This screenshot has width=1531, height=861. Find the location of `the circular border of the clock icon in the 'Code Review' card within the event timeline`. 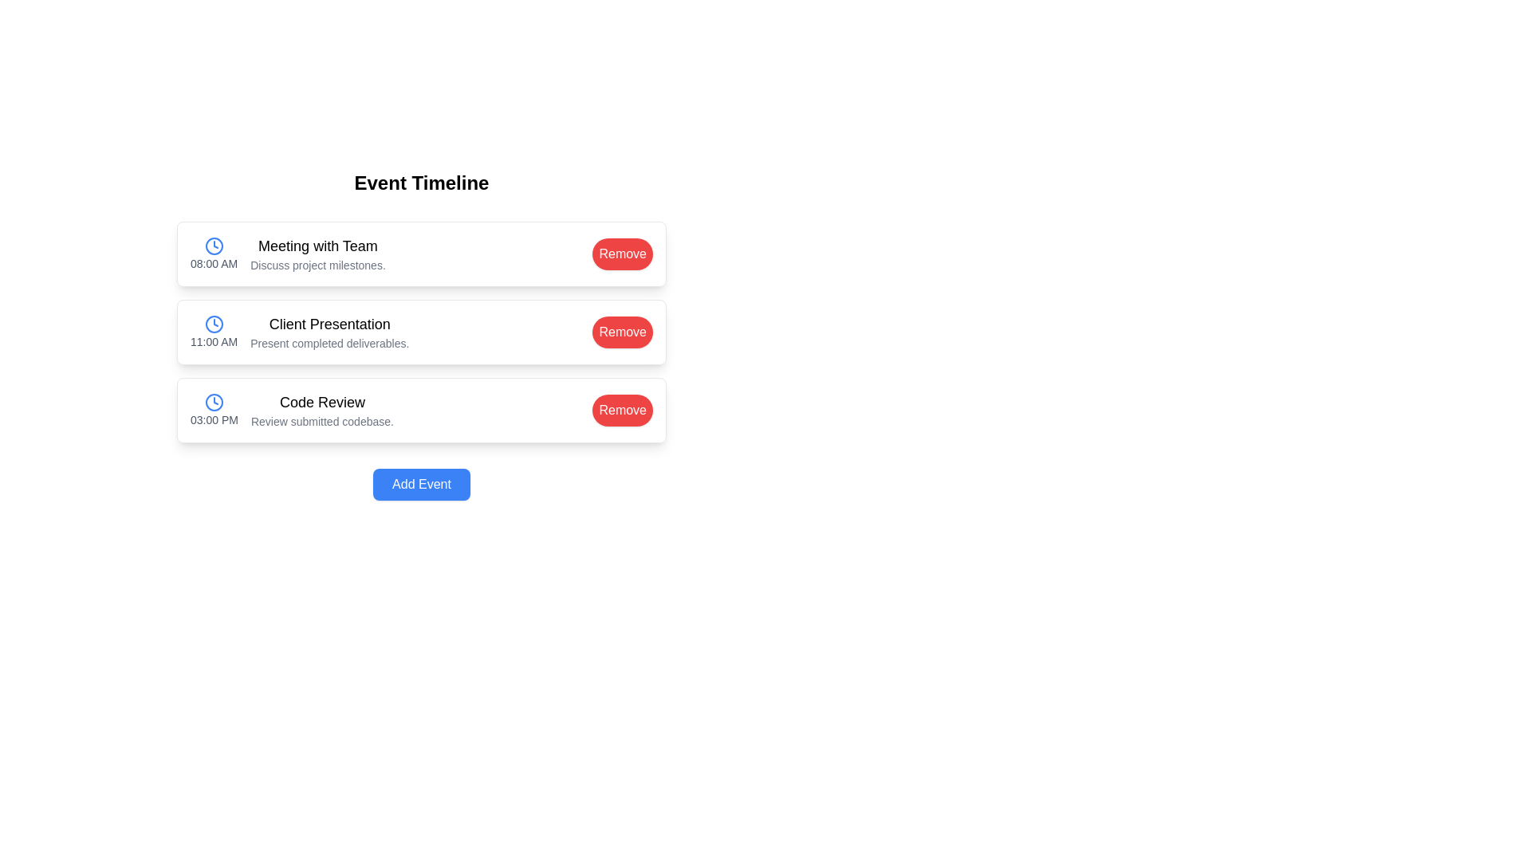

the circular border of the clock icon in the 'Code Review' card within the event timeline is located at coordinates (213, 402).